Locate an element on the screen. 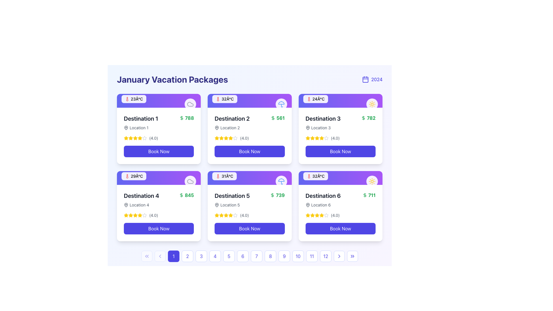  the Temperature Display Widget displaying '32Â°C' with a red thermometer icon, located in the top-left corner of the purple header area of the 'Destination 2' card is located at coordinates (224, 98).